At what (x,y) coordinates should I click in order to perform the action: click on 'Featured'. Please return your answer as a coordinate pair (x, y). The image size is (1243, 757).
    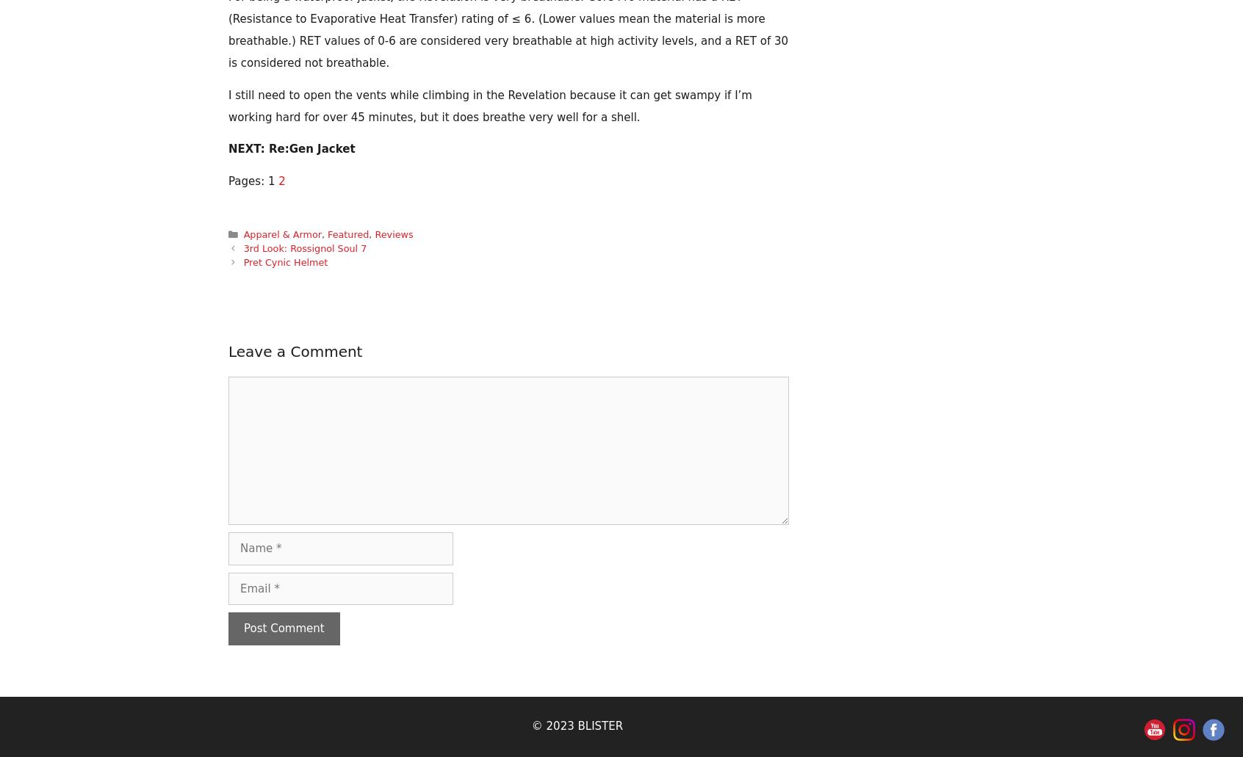
    Looking at the image, I should click on (347, 233).